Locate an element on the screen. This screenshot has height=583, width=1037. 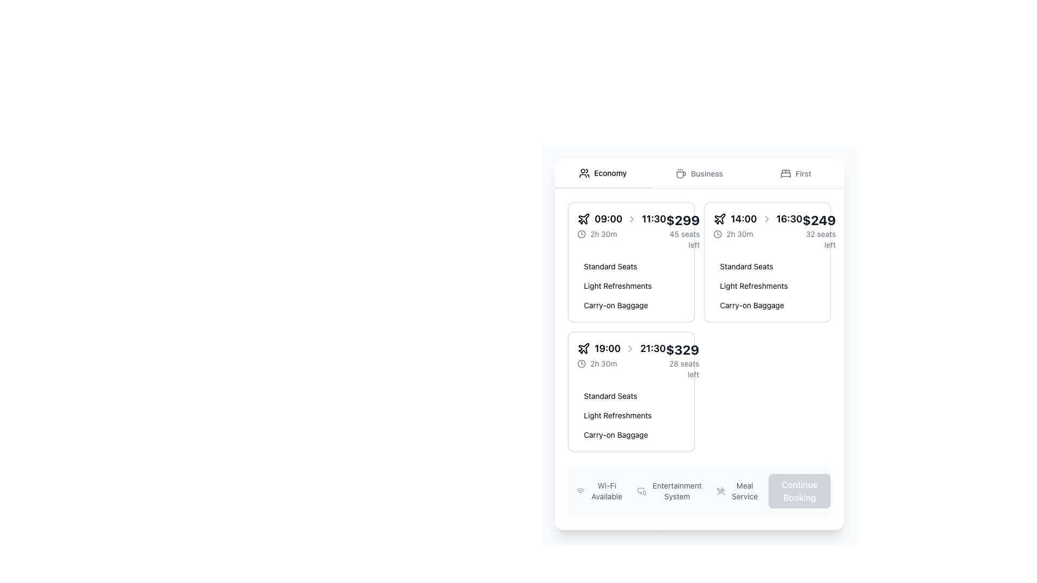
the arrival time text element located to the right of the '09:00' time element in the flight information card is located at coordinates (653, 219).